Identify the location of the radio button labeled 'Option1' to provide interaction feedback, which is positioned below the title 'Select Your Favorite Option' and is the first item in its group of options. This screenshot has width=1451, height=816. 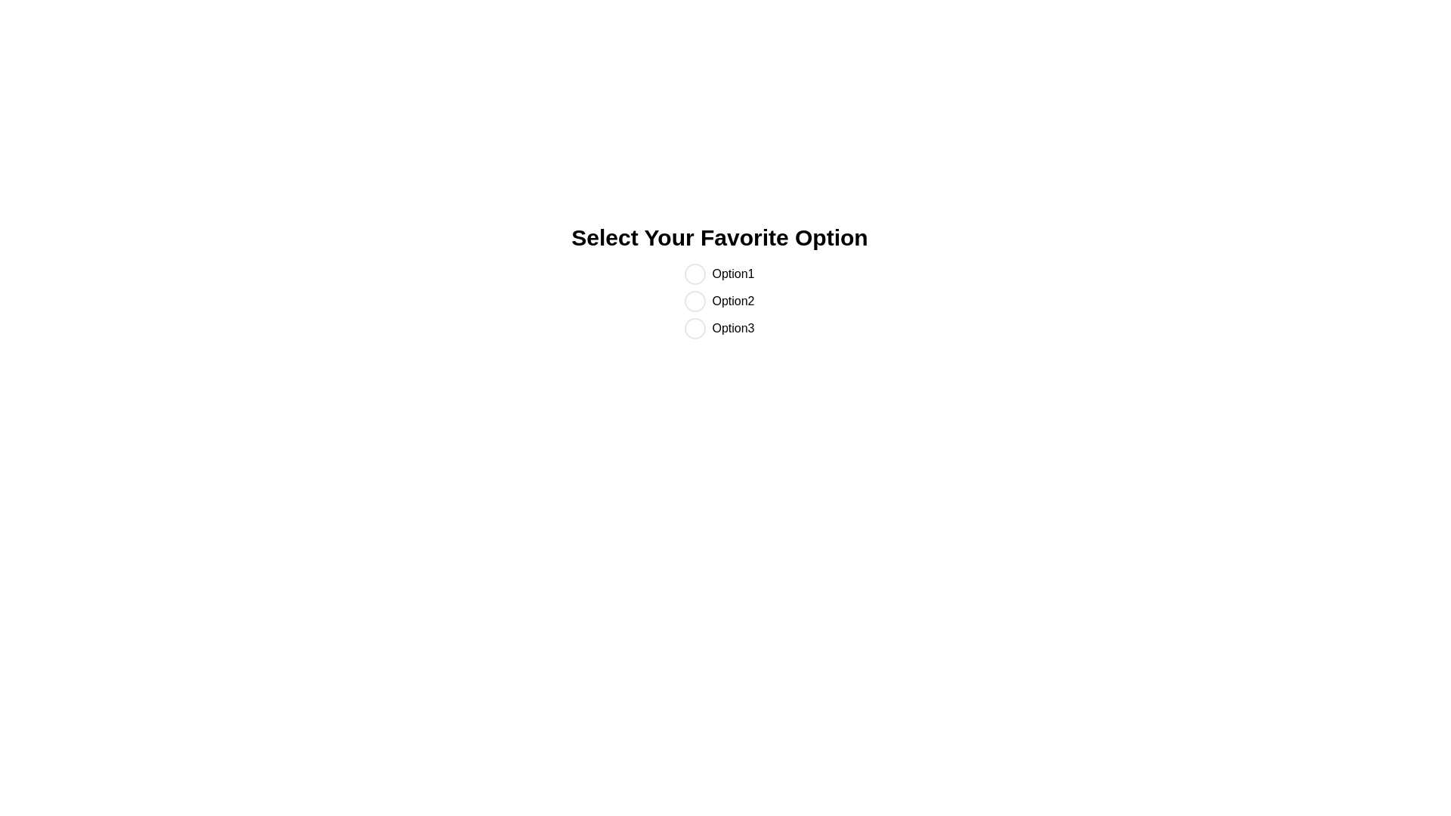
(719, 274).